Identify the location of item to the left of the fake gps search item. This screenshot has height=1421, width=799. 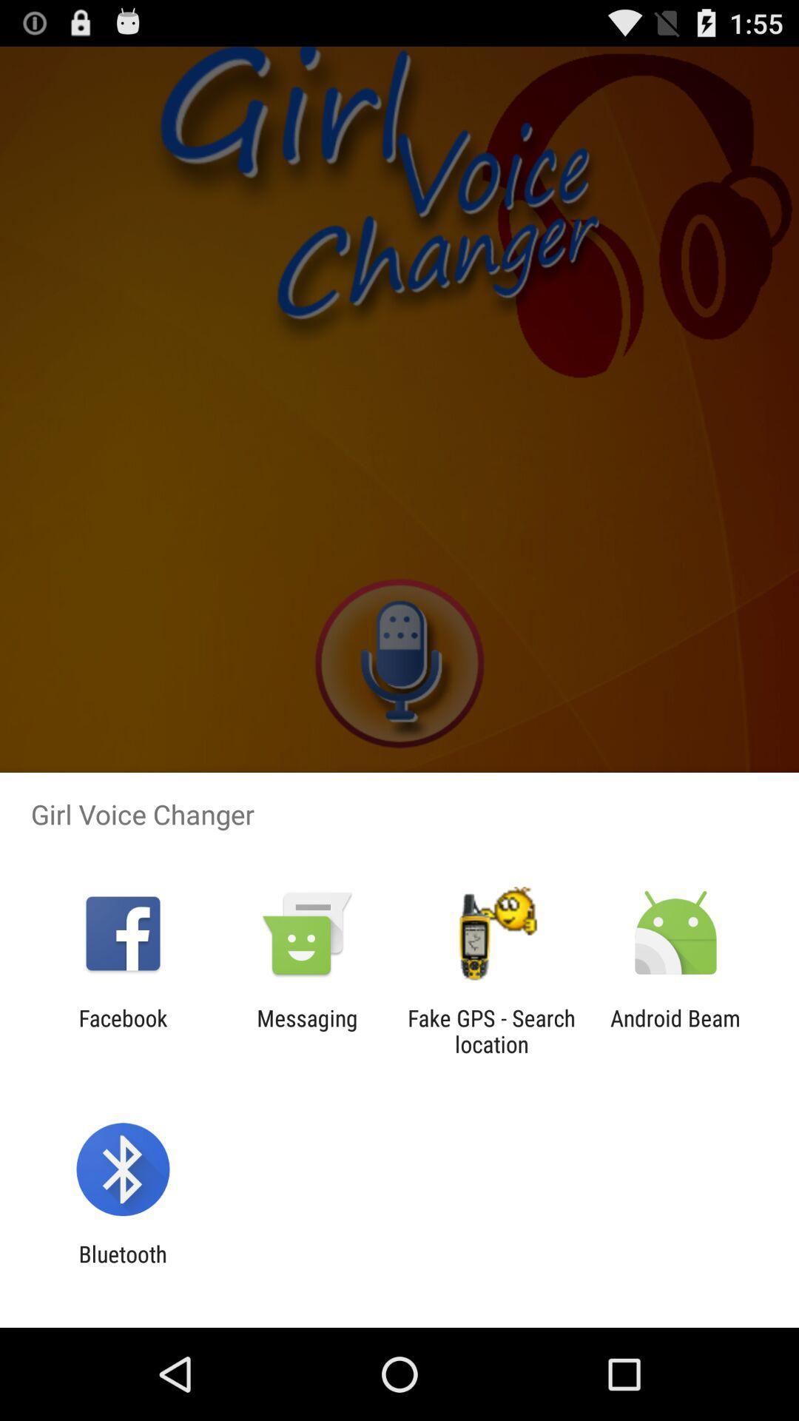
(306, 1030).